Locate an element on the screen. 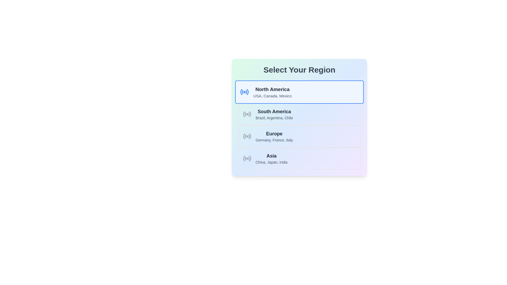 The image size is (507, 285). the state of the circular radio icon indicating the 'Europe' region selection option, located to the left of the option is located at coordinates (247, 136).